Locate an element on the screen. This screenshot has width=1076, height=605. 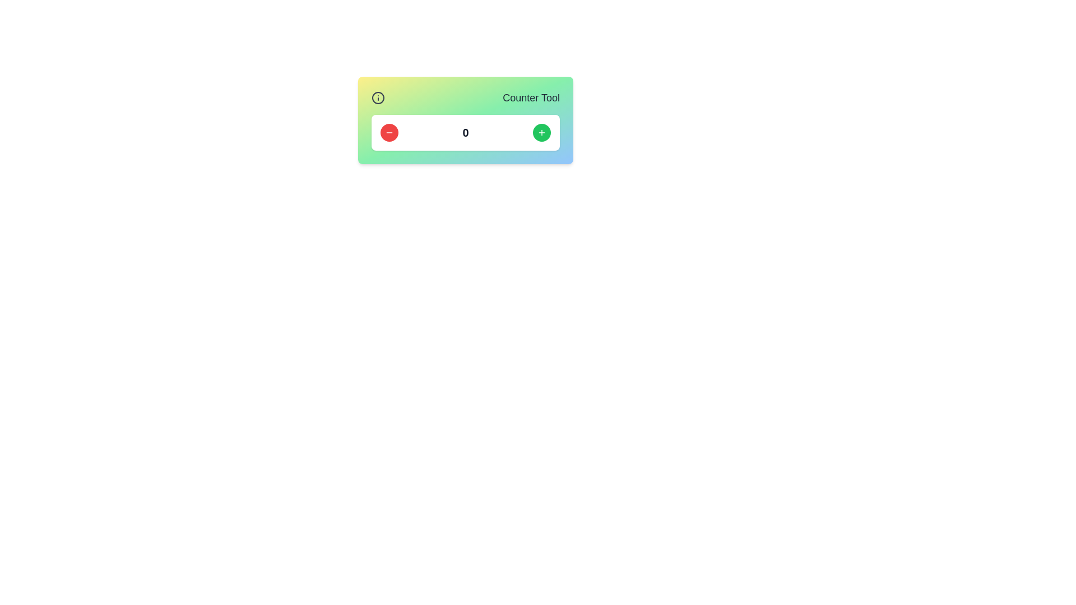
the plus sign button with a green background located at the top-right corner of the 'Counter Tool' section for keyboard interaction is located at coordinates (541, 132).